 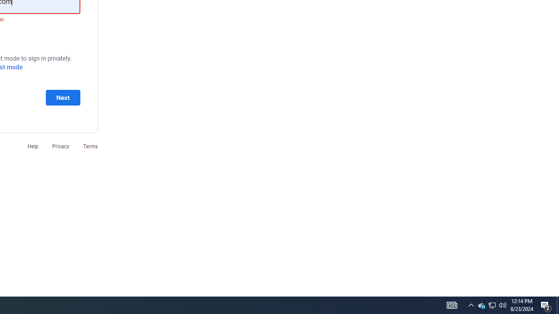 I want to click on 'Terms', so click(x=90, y=146).